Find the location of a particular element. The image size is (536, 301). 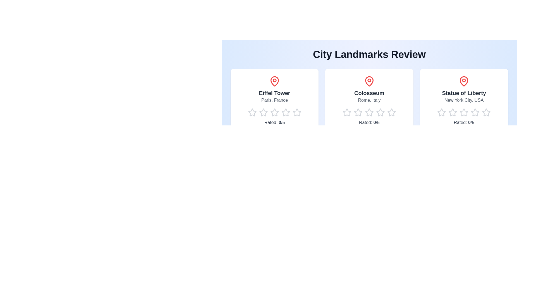

the star corresponding to 1 for the landmark Eiffel Tower is located at coordinates (247, 113).